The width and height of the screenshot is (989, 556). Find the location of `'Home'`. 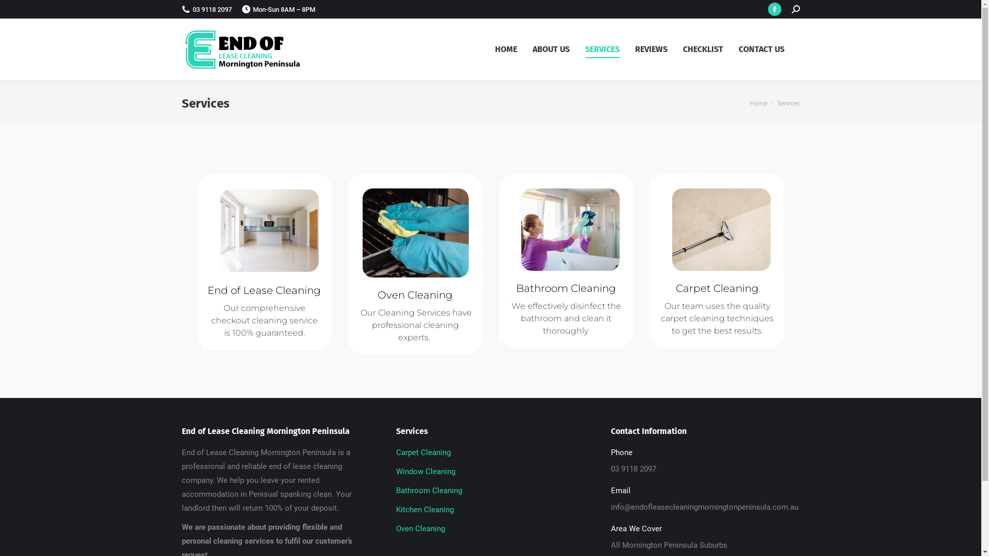

'Home' is located at coordinates (758, 103).